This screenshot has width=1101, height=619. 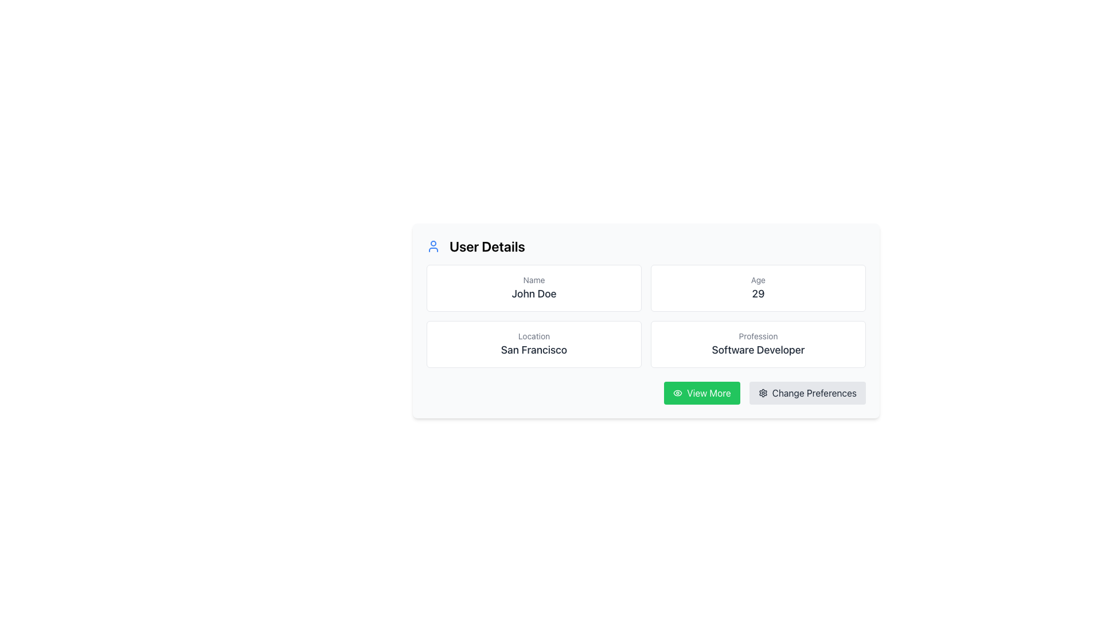 I want to click on the text label displaying 'John Doe' within the 'Name' card in the user details panel, so click(x=533, y=293).